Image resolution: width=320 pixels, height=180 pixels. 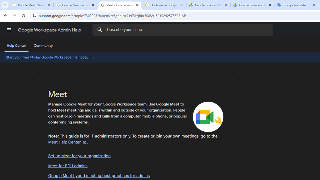 What do you see at coordinates (183, 29) in the screenshot?
I see `'Describe your issue'` at bounding box center [183, 29].